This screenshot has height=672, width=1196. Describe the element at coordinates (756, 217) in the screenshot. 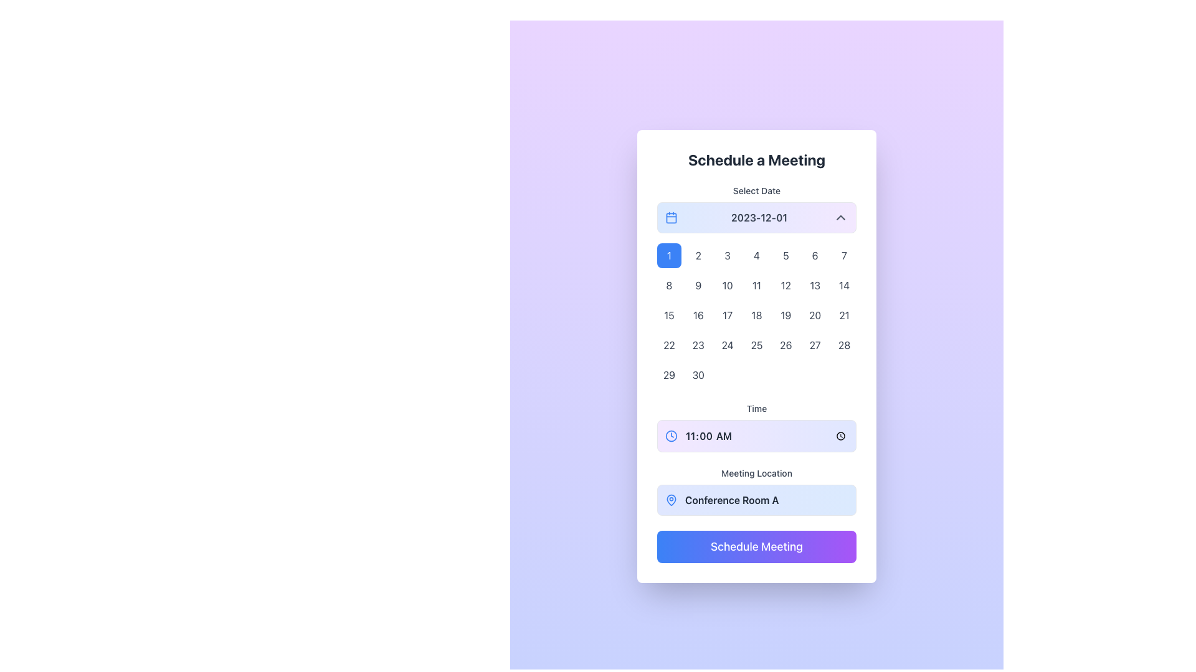

I see `the Dropdown Button with a gradient background and date text '2023-12-01' located under the 'Select Date' header` at that location.